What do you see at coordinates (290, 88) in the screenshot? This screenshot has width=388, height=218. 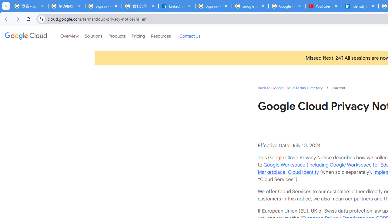 I see `'Back to Google Cloud Terms Directory'` at bounding box center [290, 88].